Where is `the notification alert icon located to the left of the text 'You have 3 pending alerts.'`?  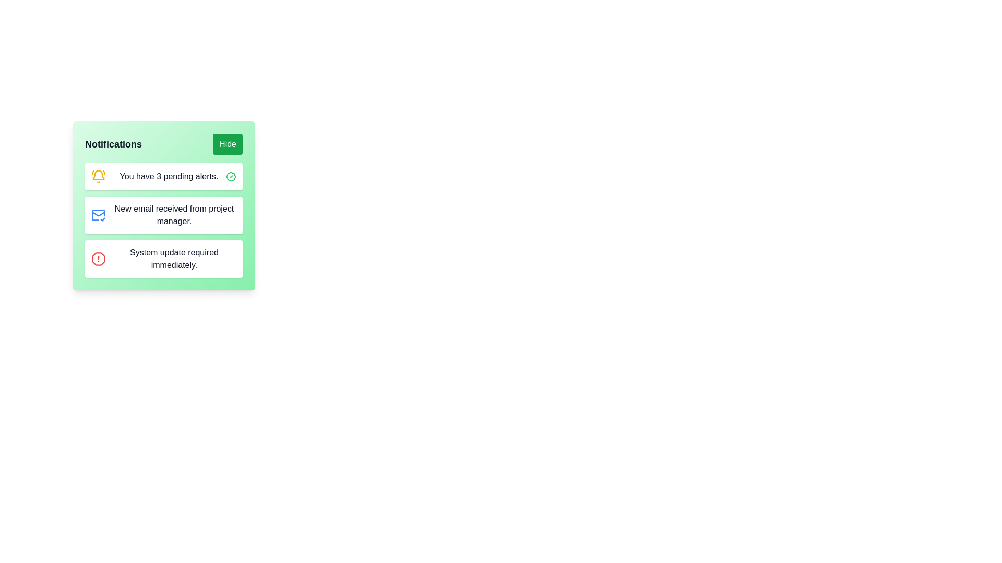 the notification alert icon located to the left of the text 'You have 3 pending alerts.' is located at coordinates (98, 175).